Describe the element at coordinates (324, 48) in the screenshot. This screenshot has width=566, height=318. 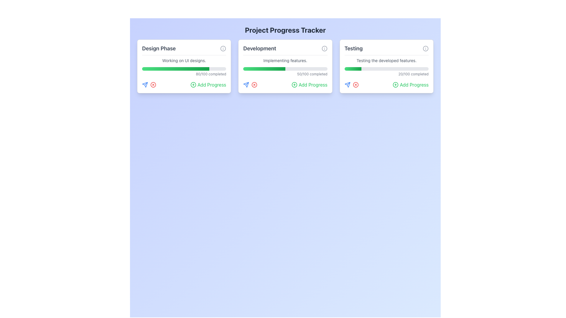
I see `the information icon button located at the top-right corner of the 'Development' card` at that location.